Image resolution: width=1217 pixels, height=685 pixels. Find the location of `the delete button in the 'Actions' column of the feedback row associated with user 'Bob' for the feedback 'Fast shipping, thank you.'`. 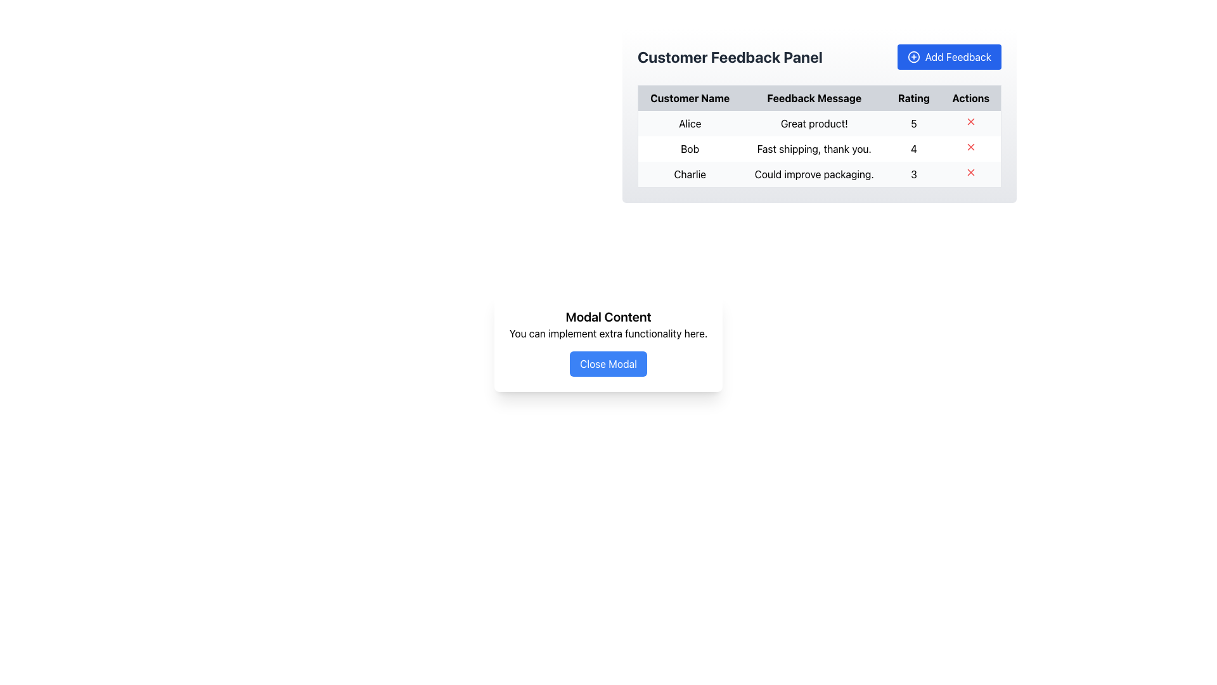

the delete button in the 'Actions' column of the feedback row associated with user 'Bob' for the feedback 'Fast shipping, thank you.' is located at coordinates (970, 148).